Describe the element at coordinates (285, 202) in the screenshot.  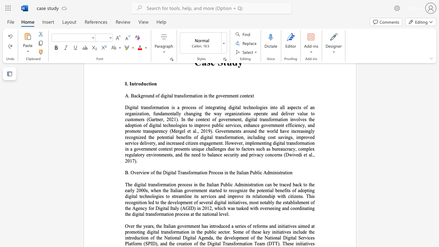
I see `the subset text "stablishment of the" within the text "The digital transformation process in the Italian Public Administration can be traced back to the early 2000s, when the Italian government started to recognize the potential benefits of adopting digital technologies to streamline its services and improve its relationship with citizens. This recognition led to the development of several digital initiatives, most notably the establishment of the Agency for Digital Italy (AGID) in 2012, which was tasked with overseeing and coordinating the digital transformati"` at that location.